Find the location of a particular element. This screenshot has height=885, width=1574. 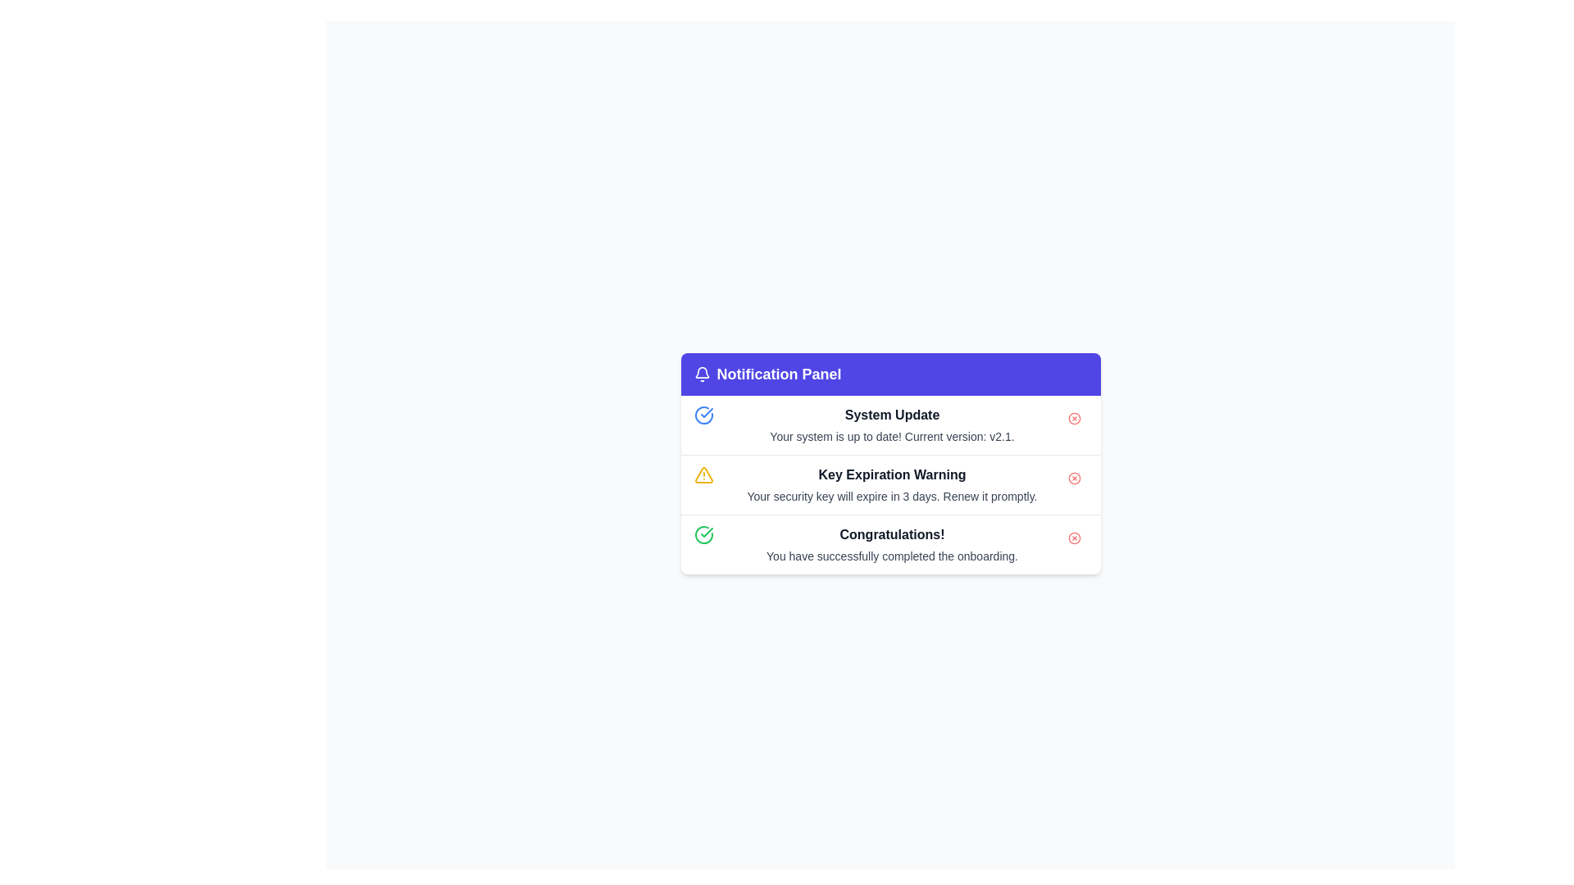

the interactive button located at the far-right of the notification panel, which is intended is located at coordinates (1074, 538).